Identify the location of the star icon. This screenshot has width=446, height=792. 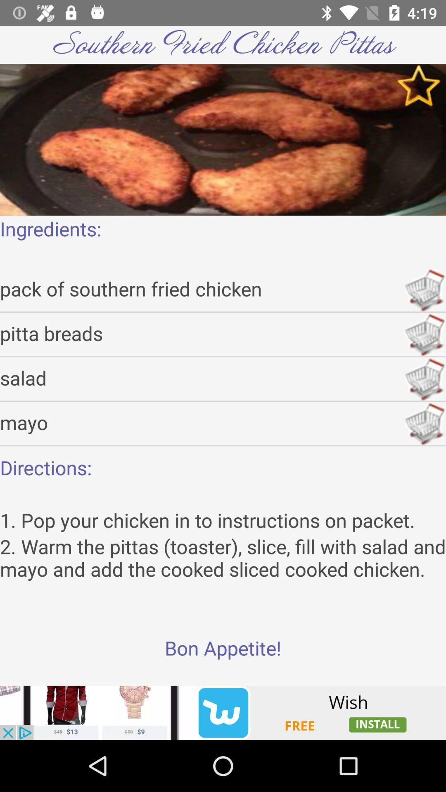
(419, 85).